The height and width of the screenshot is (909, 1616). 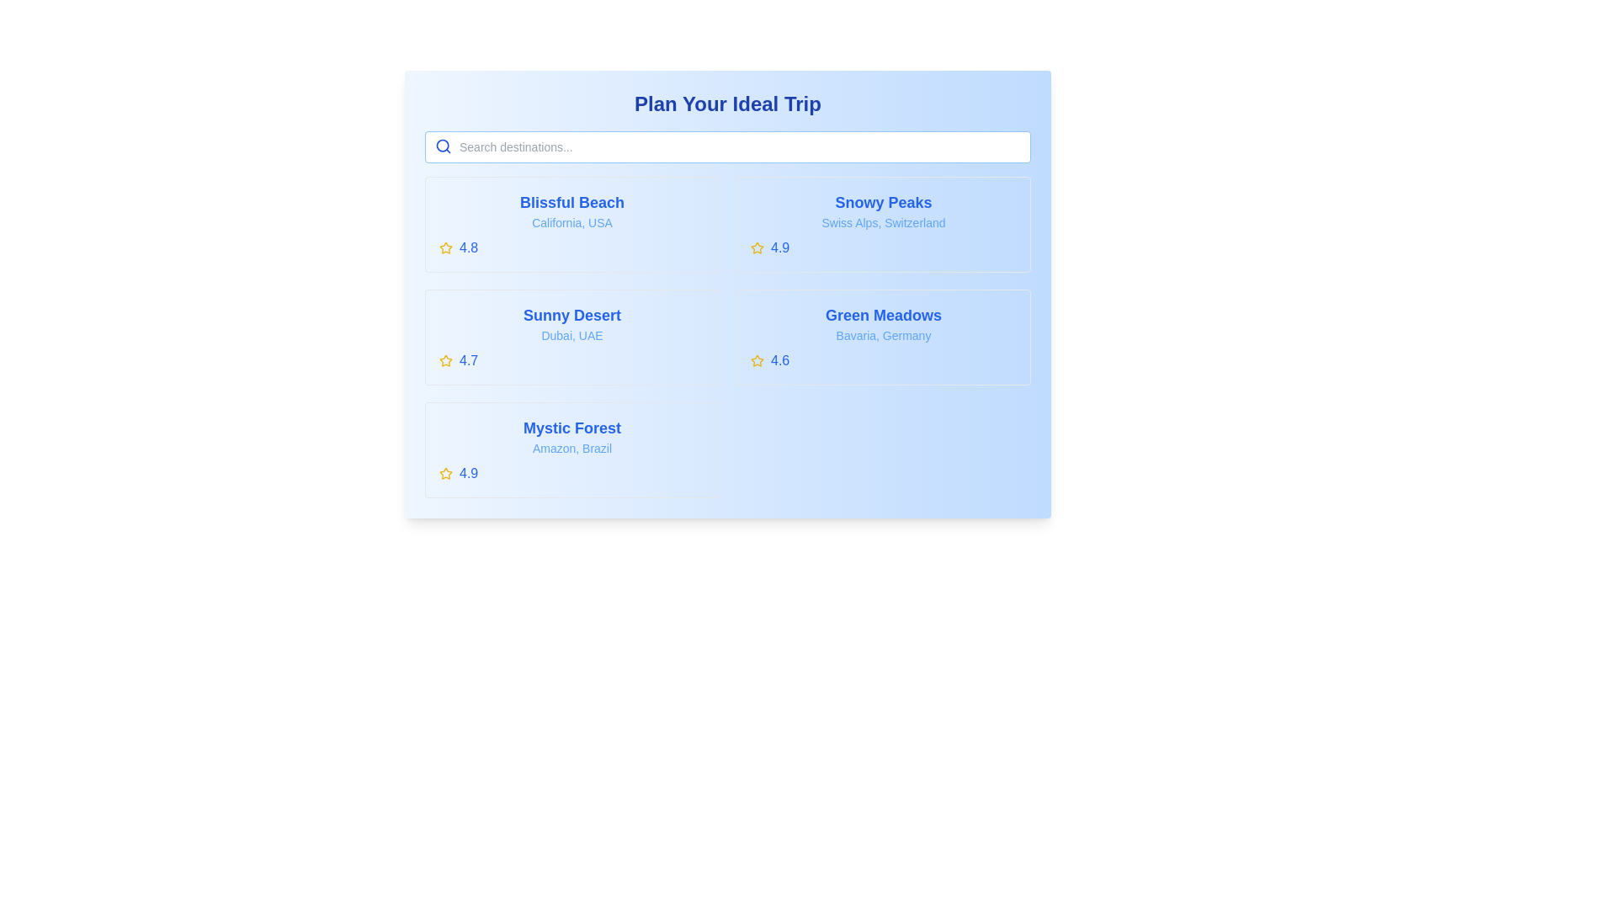 What do you see at coordinates (727, 146) in the screenshot?
I see `the search input field with the placeholder 'Search destinations...' to focus on it` at bounding box center [727, 146].